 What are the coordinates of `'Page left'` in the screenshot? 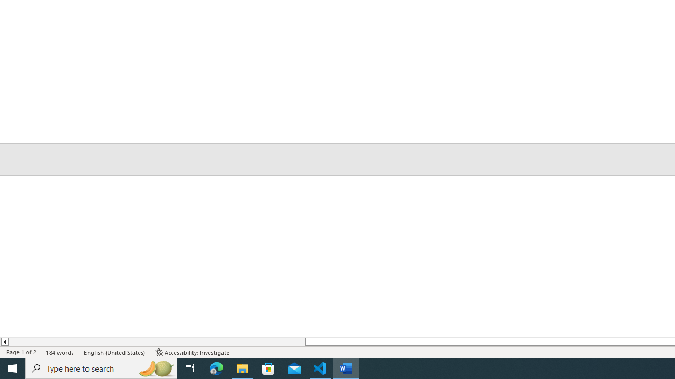 It's located at (156, 342).